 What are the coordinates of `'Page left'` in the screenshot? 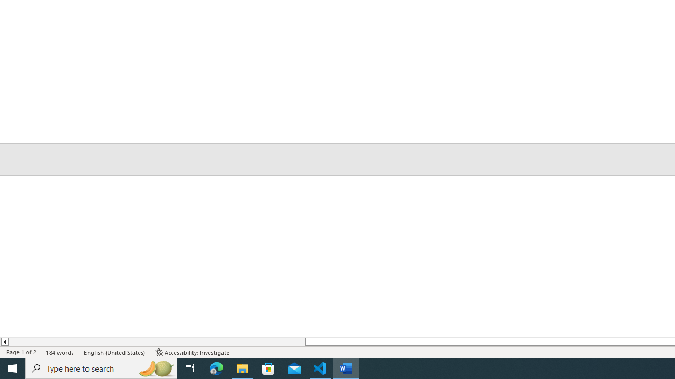 It's located at (156, 342).